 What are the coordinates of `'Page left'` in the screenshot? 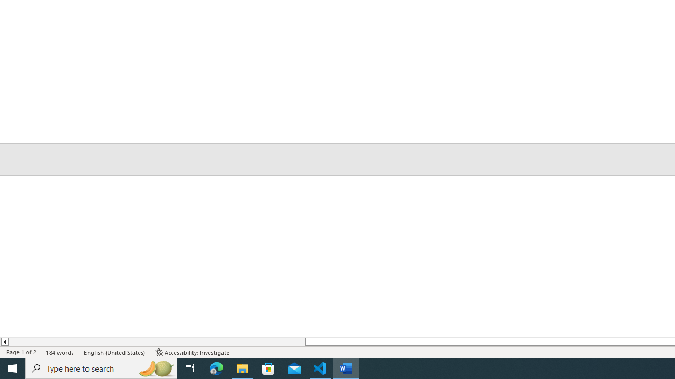 It's located at (156, 342).